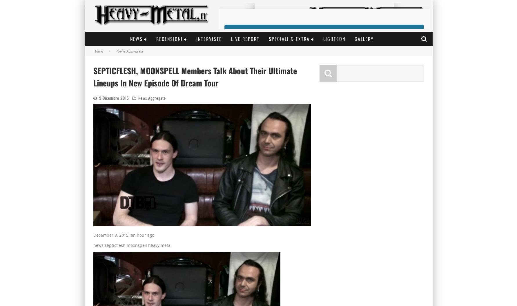 The image size is (517, 306). I want to click on 'news', so click(98, 245).